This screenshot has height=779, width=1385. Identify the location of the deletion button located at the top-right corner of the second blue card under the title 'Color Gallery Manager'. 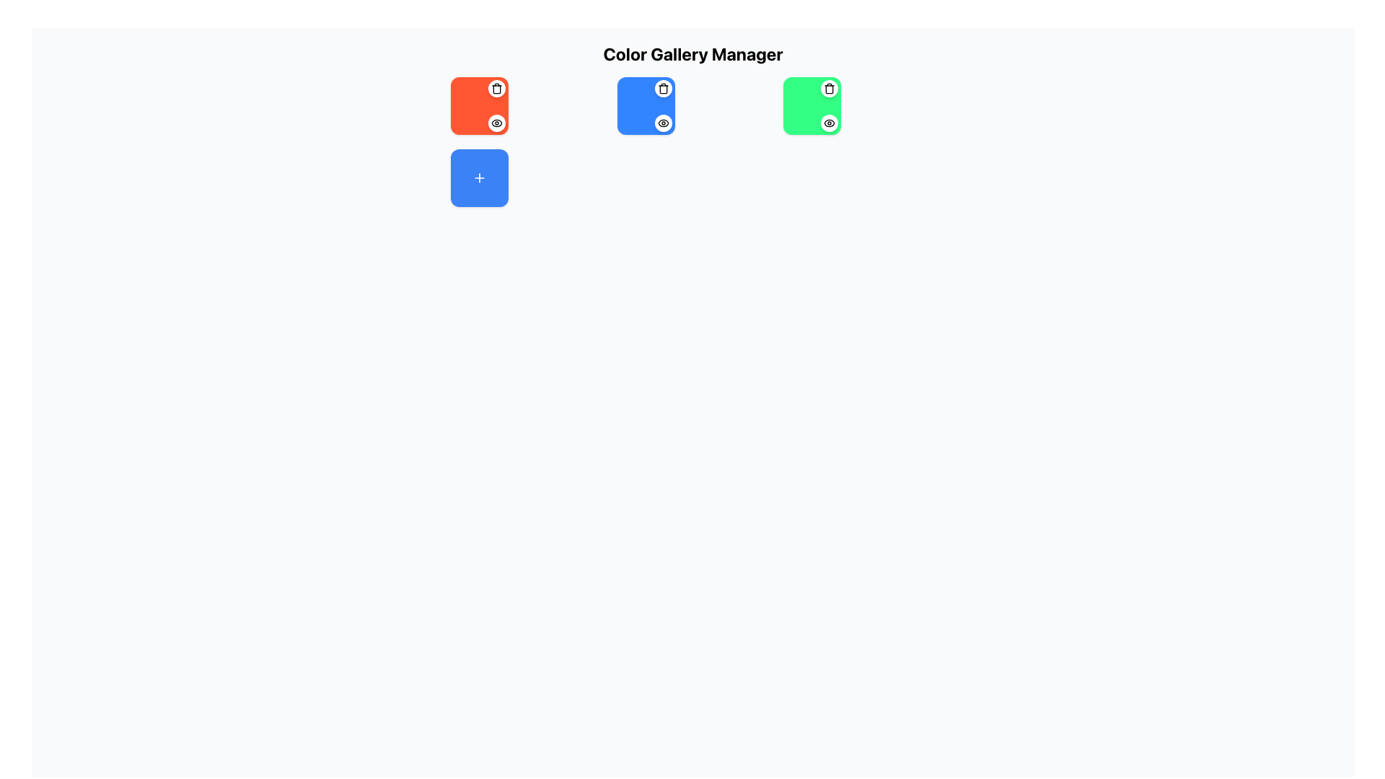
(662, 89).